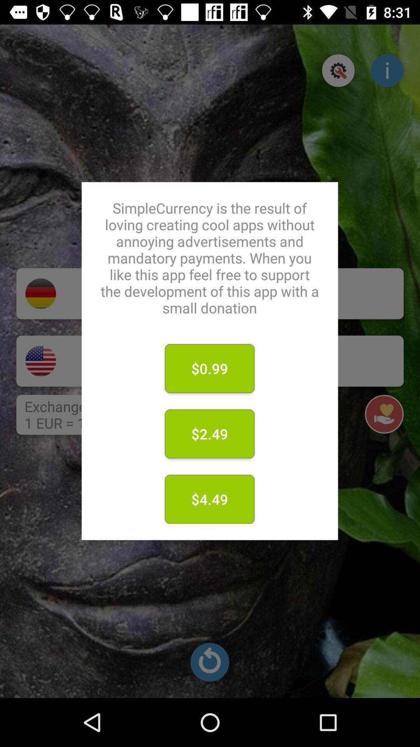 The width and height of the screenshot is (420, 747). I want to click on the info icon, so click(387, 70).